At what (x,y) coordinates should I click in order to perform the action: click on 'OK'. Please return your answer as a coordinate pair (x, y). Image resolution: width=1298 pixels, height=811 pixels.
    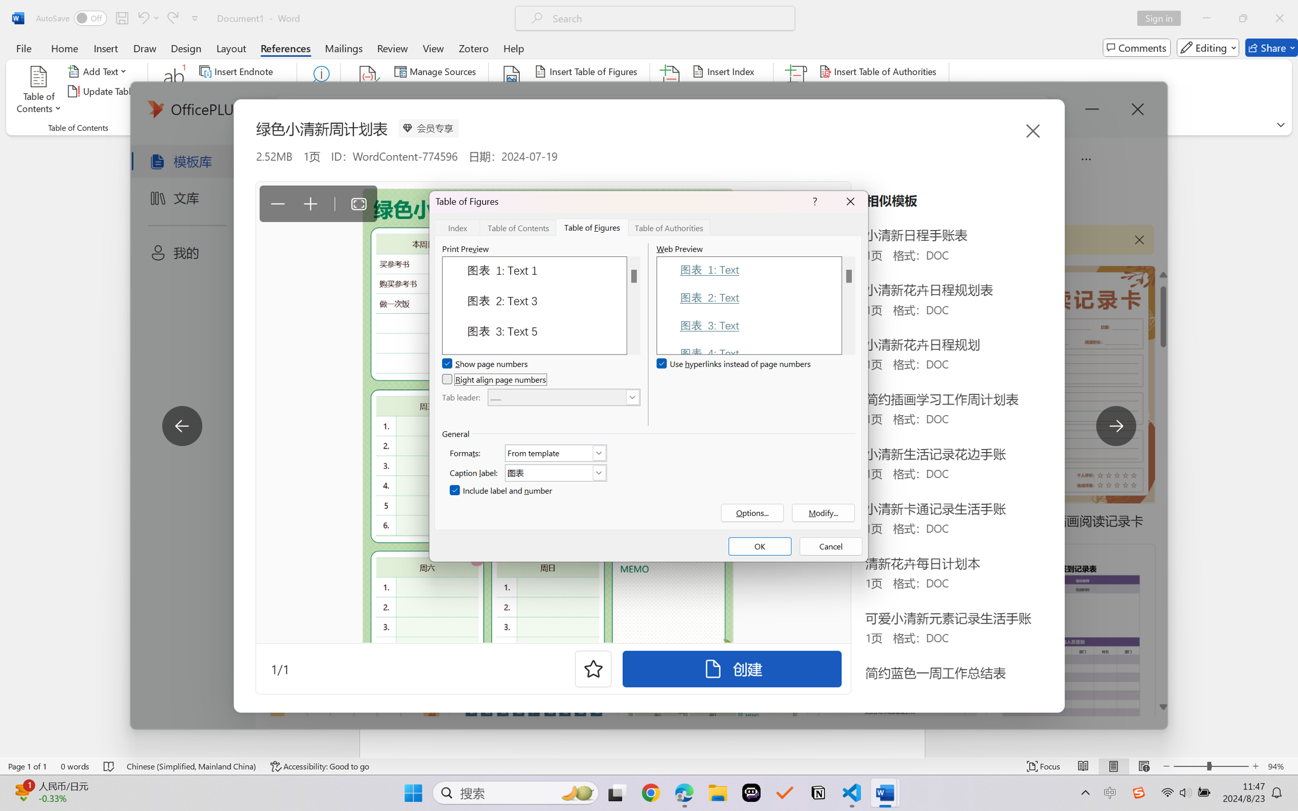
    Looking at the image, I should click on (759, 546).